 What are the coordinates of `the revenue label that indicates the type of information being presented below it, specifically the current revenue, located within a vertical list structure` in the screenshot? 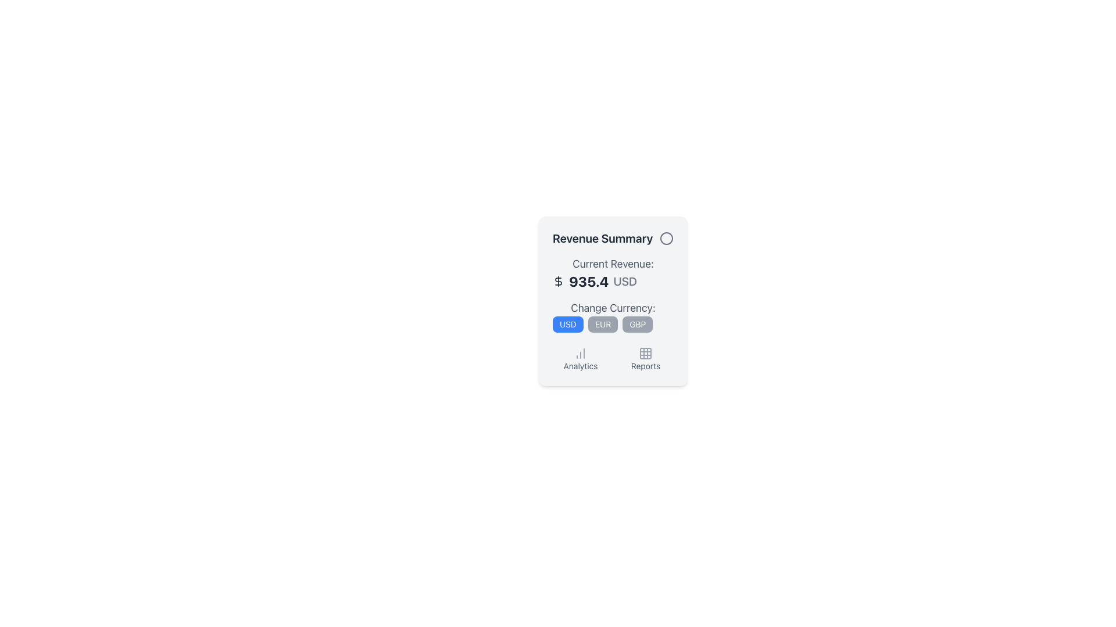 It's located at (613, 264).